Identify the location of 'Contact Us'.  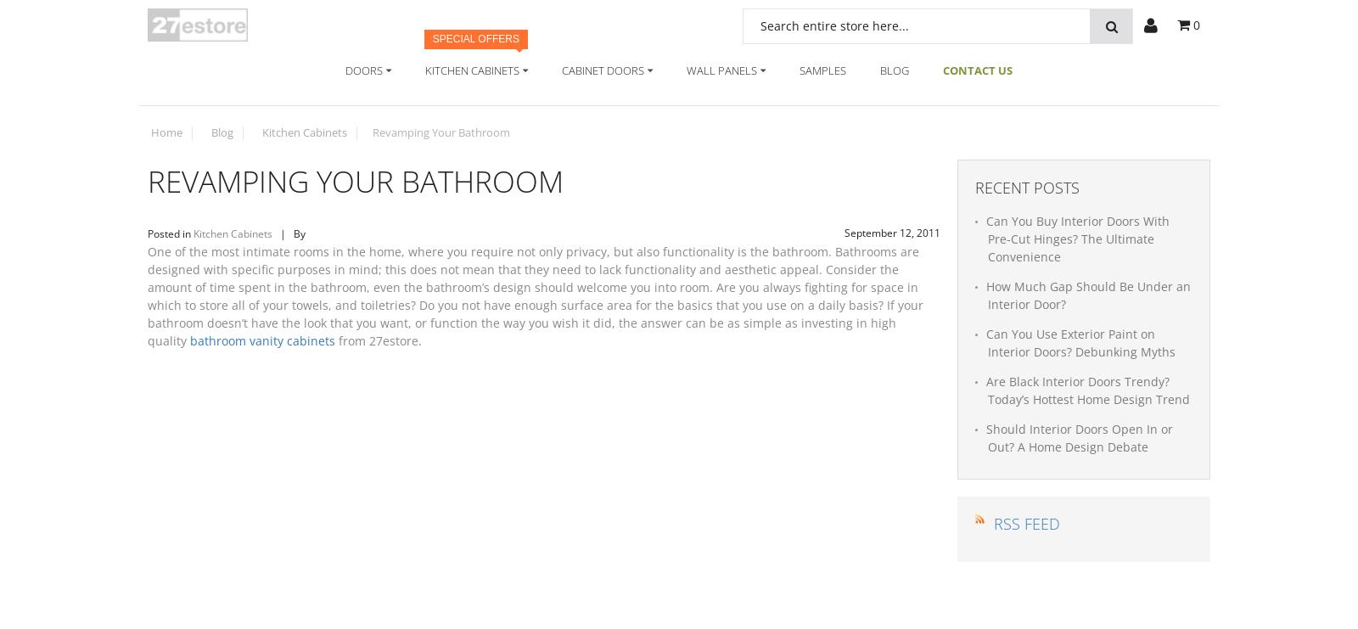
(978, 69).